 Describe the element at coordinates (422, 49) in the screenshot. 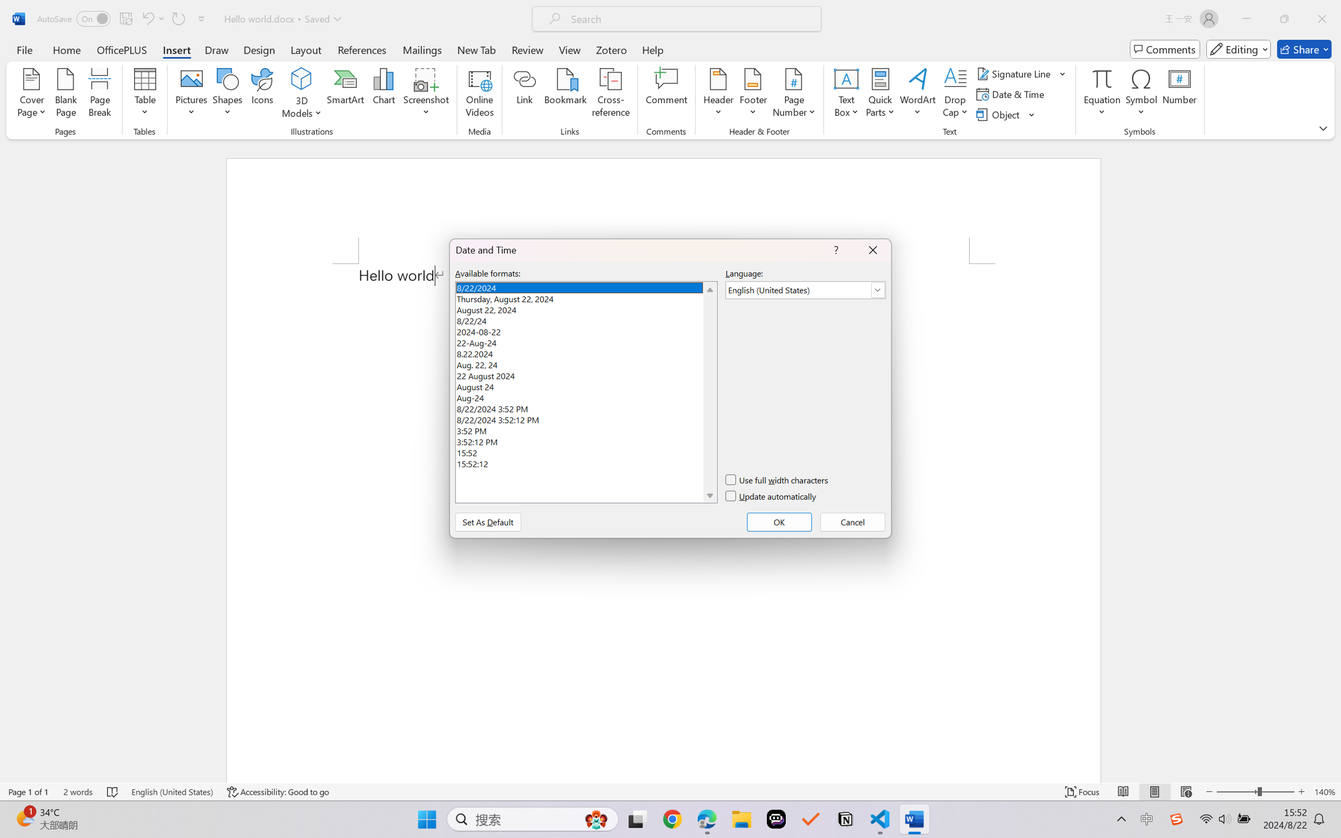

I see `'Mailings'` at that location.